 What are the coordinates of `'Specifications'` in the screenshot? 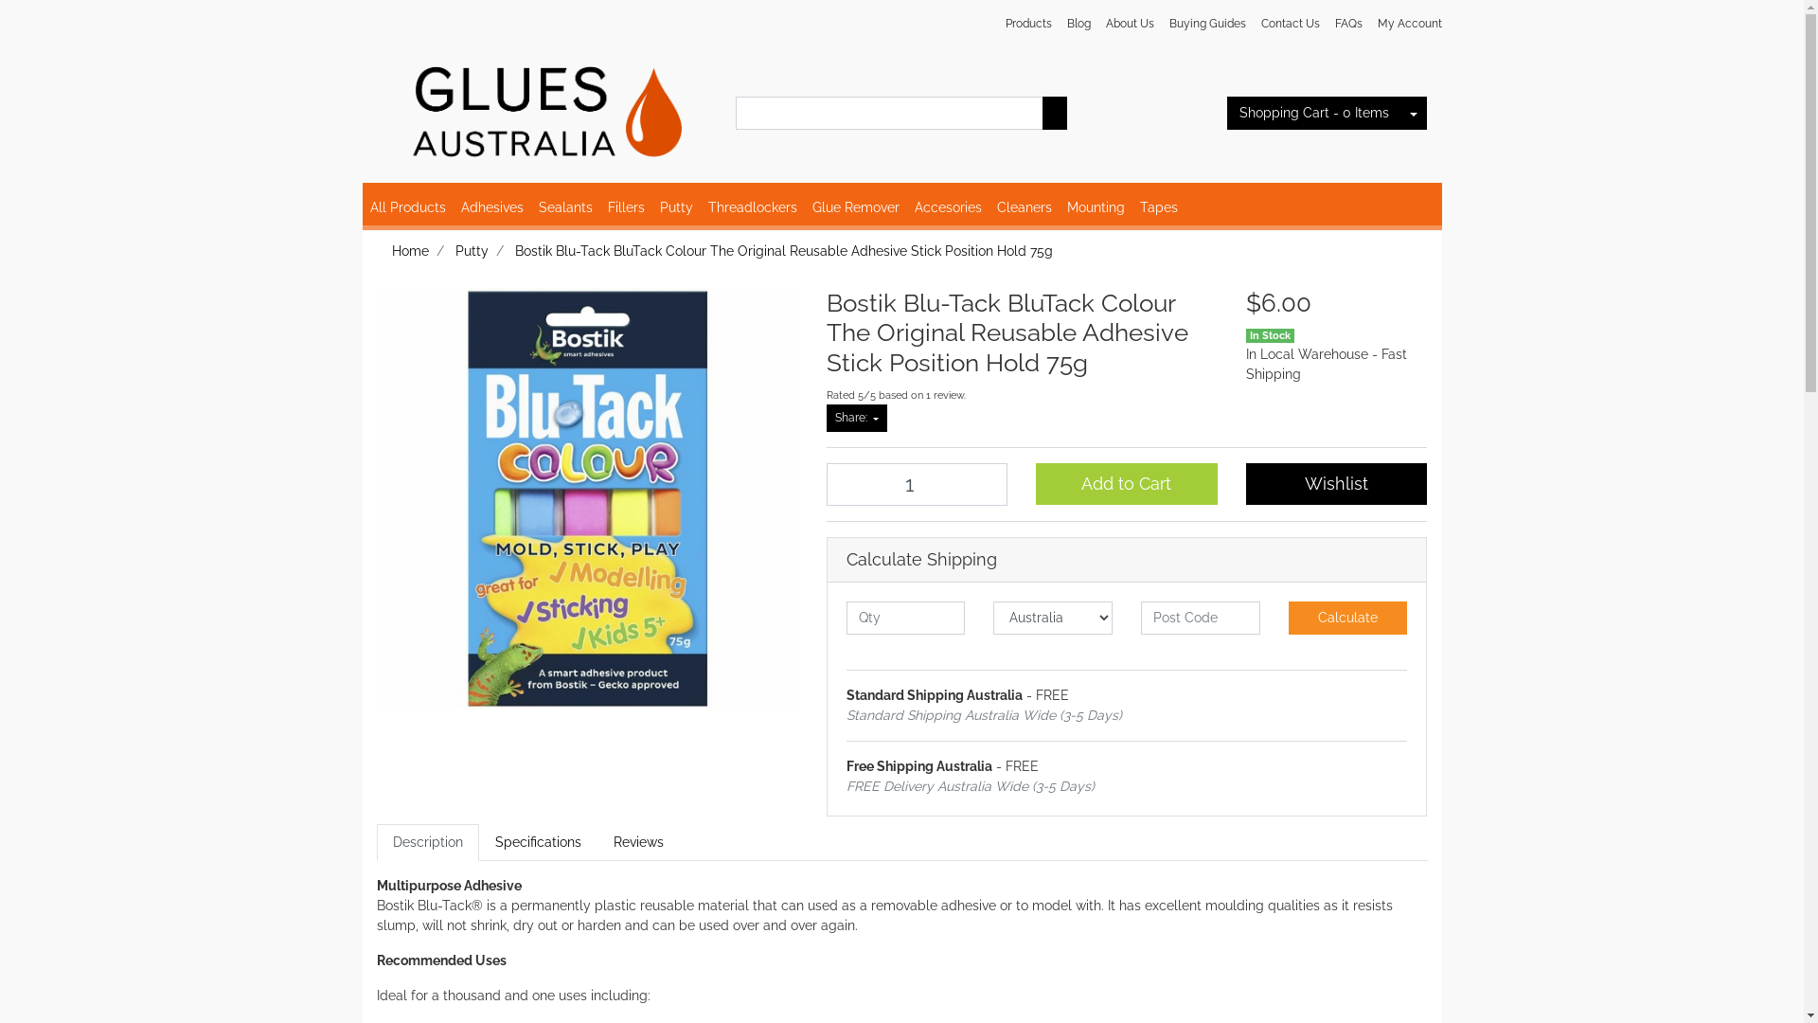 It's located at (537, 841).